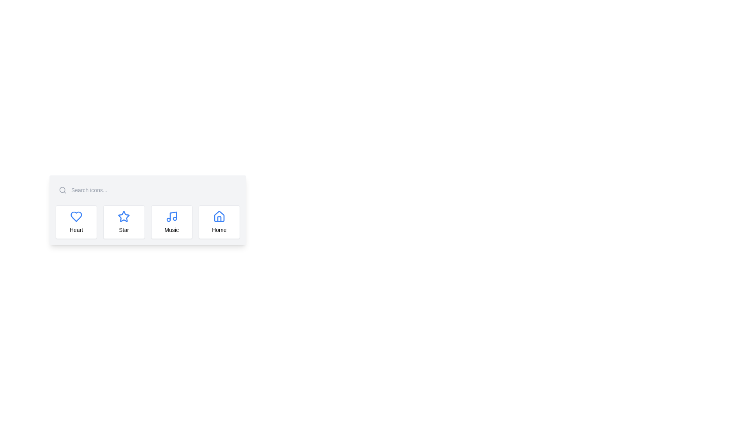 Image resolution: width=748 pixels, height=421 pixels. Describe the element at coordinates (123, 216) in the screenshot. I see `the star-shaped icon with a blue border, which is the second item in a horizontal list of icons` at that location.